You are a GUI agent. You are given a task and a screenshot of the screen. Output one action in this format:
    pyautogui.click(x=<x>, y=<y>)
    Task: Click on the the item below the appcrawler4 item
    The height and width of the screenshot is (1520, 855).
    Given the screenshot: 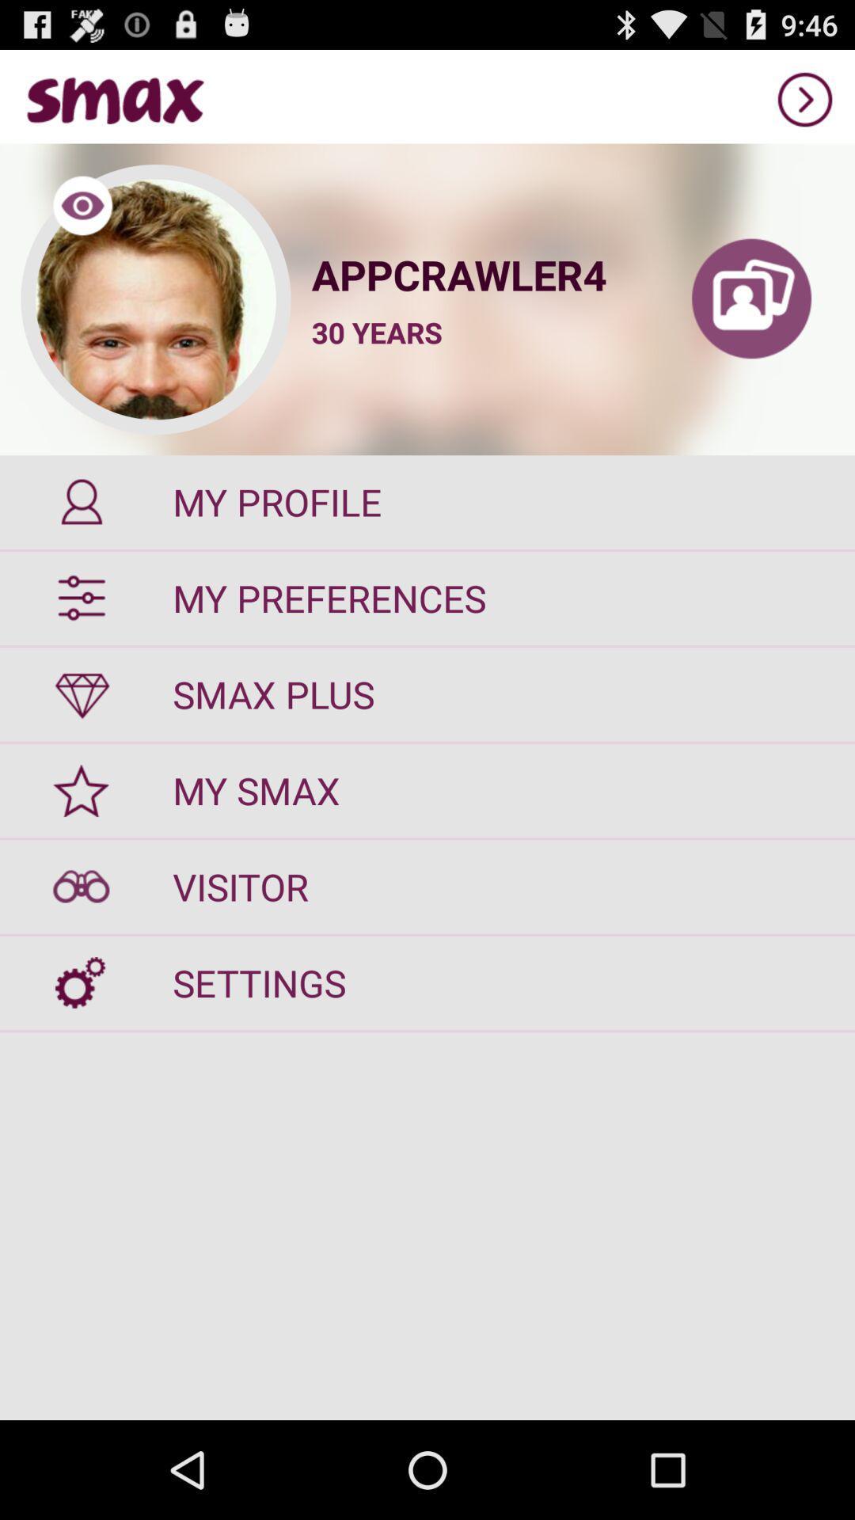 What is the action you would take?
    pyautogui.click(x=377, y=332)
    